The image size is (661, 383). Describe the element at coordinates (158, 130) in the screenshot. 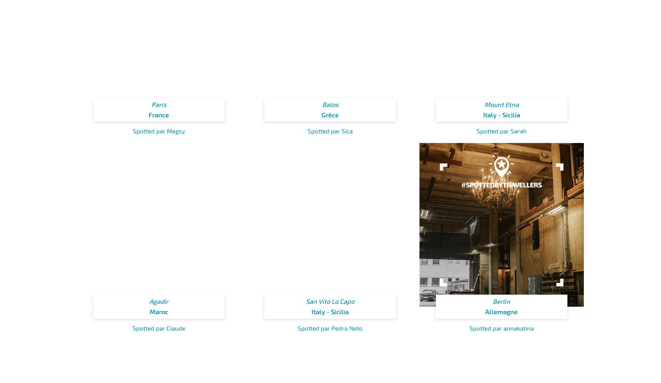

I see `'Spotted par Megsy'` at that location.